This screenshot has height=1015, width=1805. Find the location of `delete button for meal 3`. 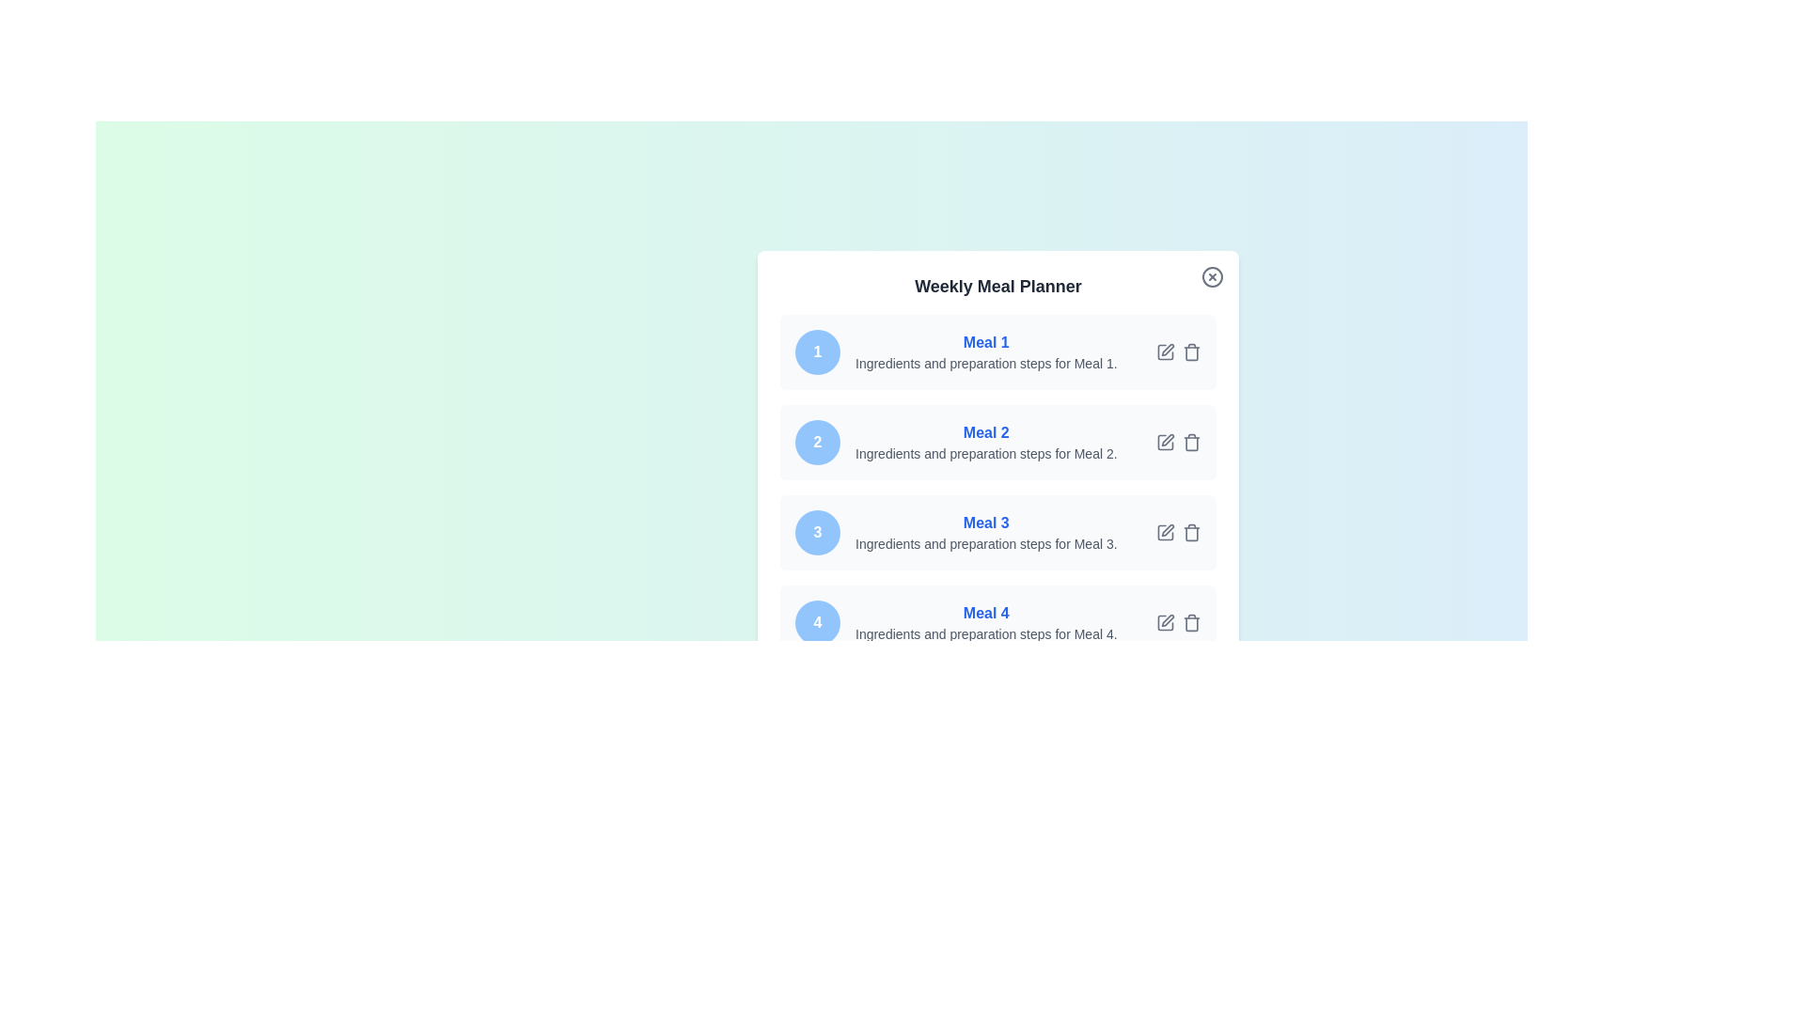

delete button for meal 3 is located at coordinates (1190, 533).